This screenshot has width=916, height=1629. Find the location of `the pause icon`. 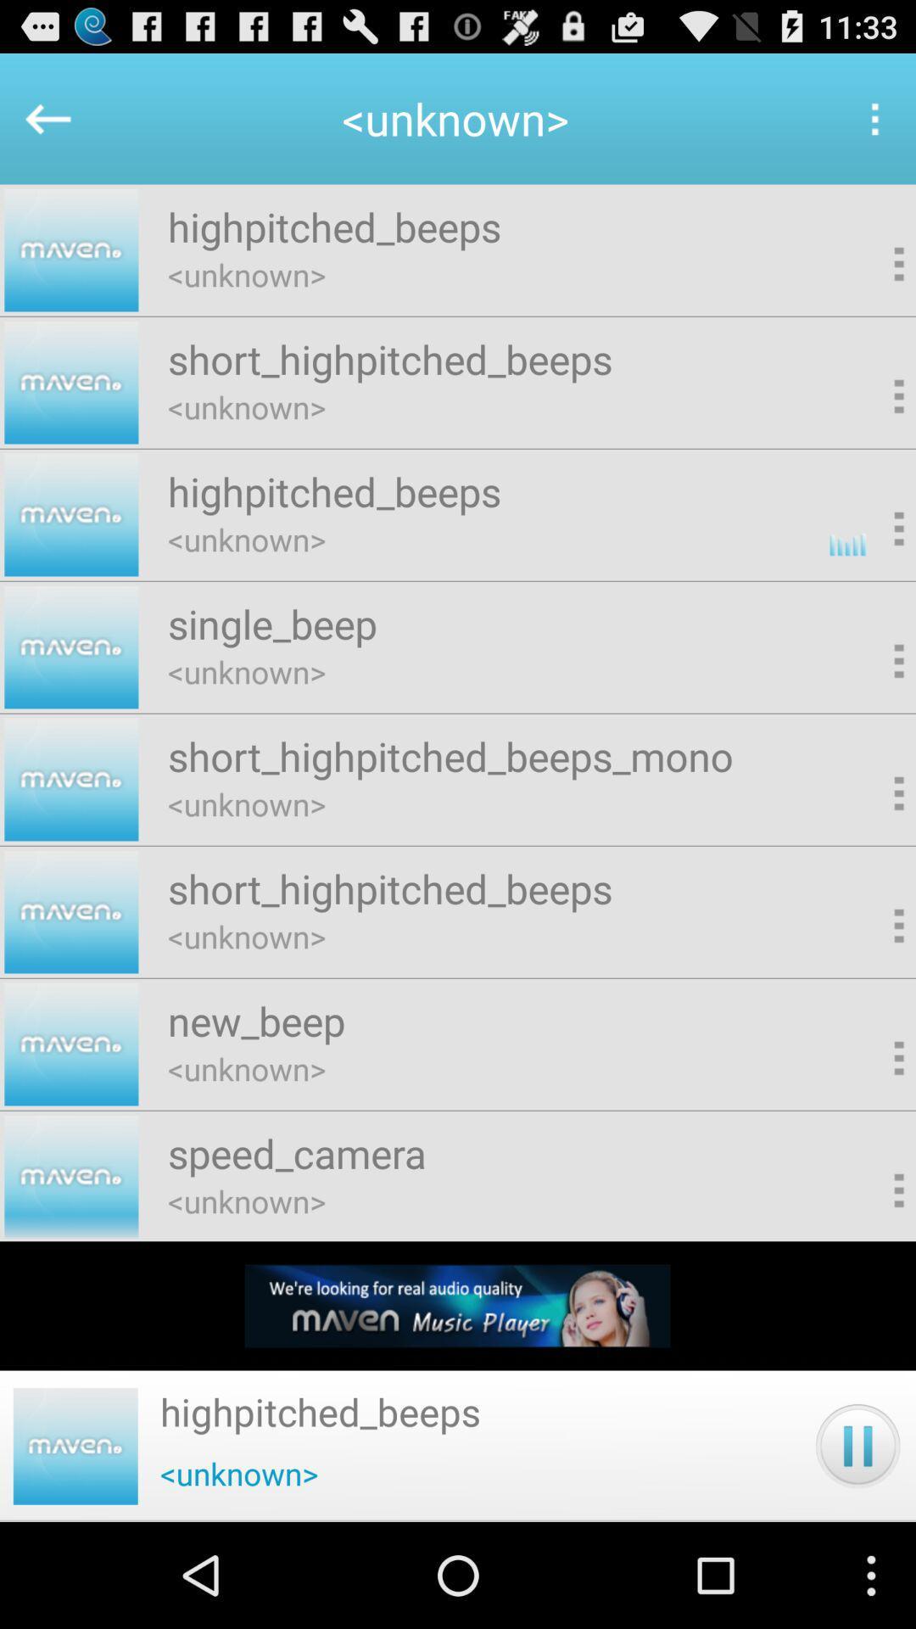

the pause icon is located at coordinates (857, 1548).